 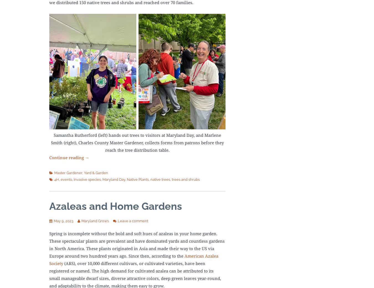 I want to click on 'Master Gardener', so click(x=68, y=172).